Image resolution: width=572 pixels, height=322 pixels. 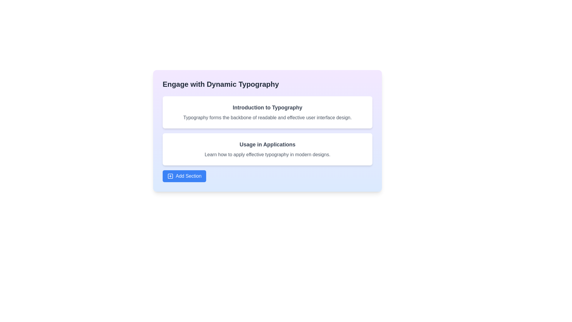 What do you see at coordinates (267, 154) in the screenshot?
I see `descriptive text element located below the heading 'Usage in Applications', which displays the message: 'Learn how to apply effective typography in modern designs.'` at bounding box center [267, 154].